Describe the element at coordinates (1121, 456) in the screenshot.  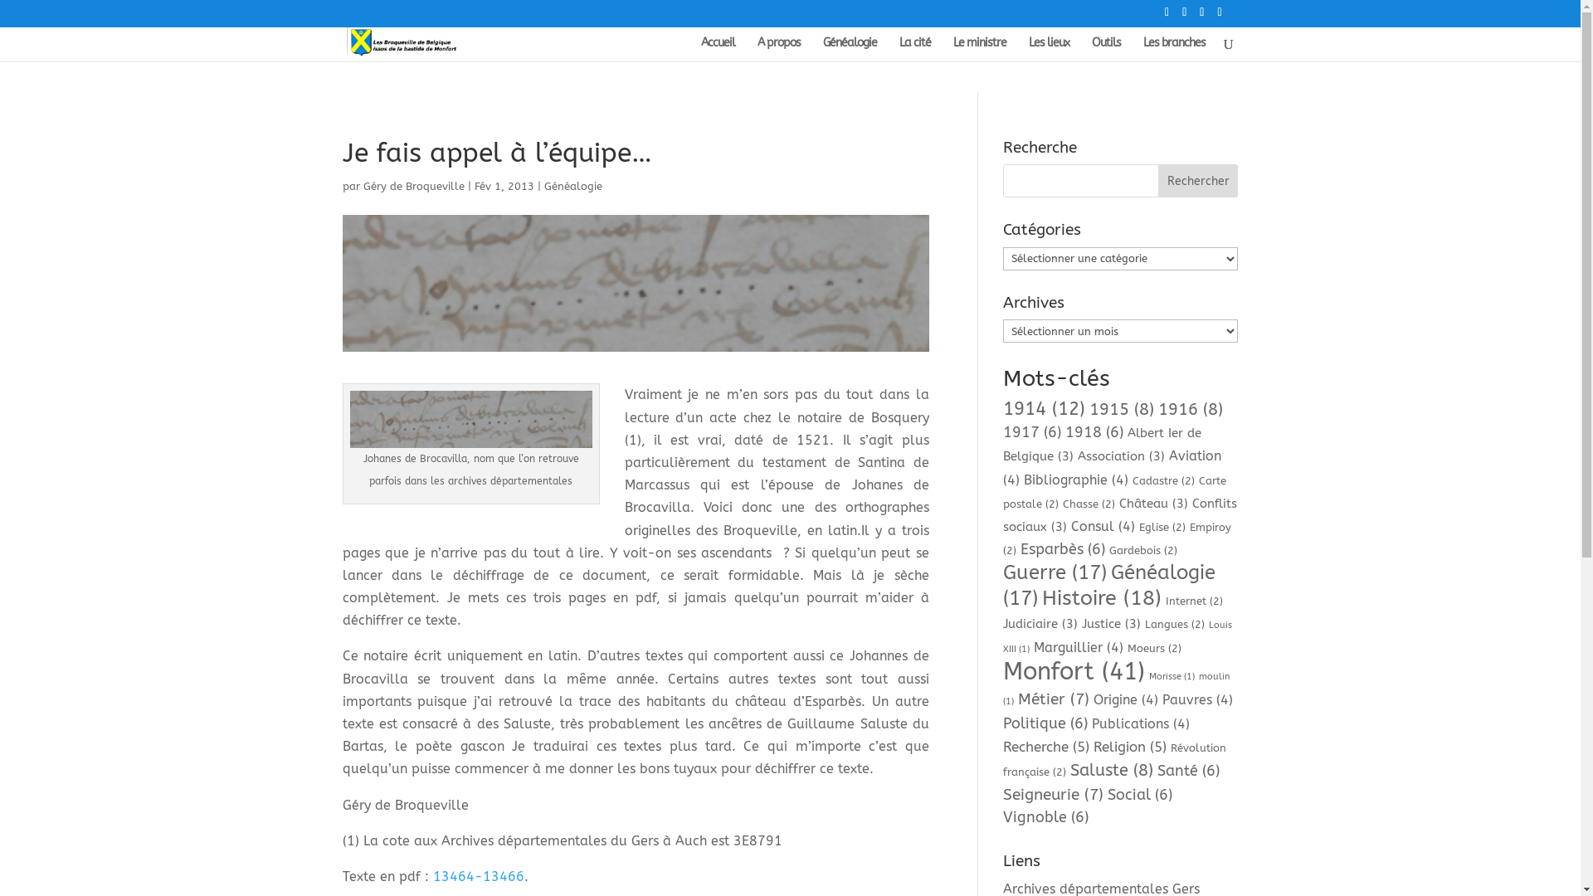
I see `'Association (3)'` at that location.